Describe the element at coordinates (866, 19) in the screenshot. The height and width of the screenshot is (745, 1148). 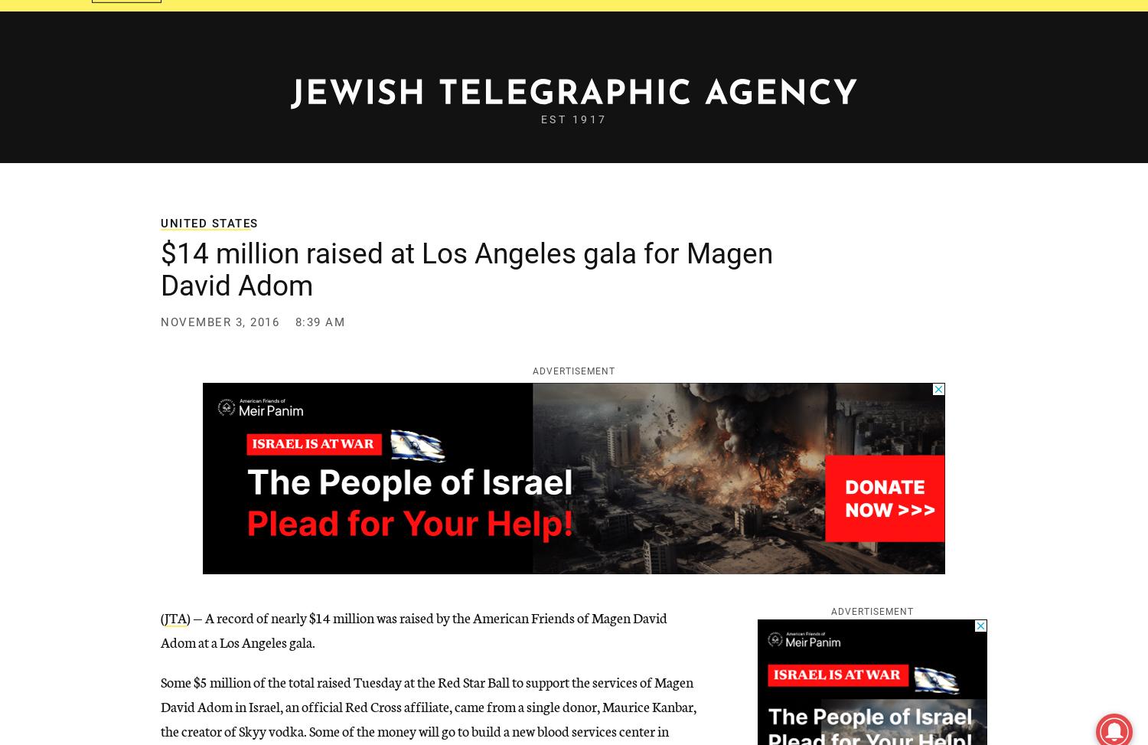
I see `'Subscribe'` at that location.